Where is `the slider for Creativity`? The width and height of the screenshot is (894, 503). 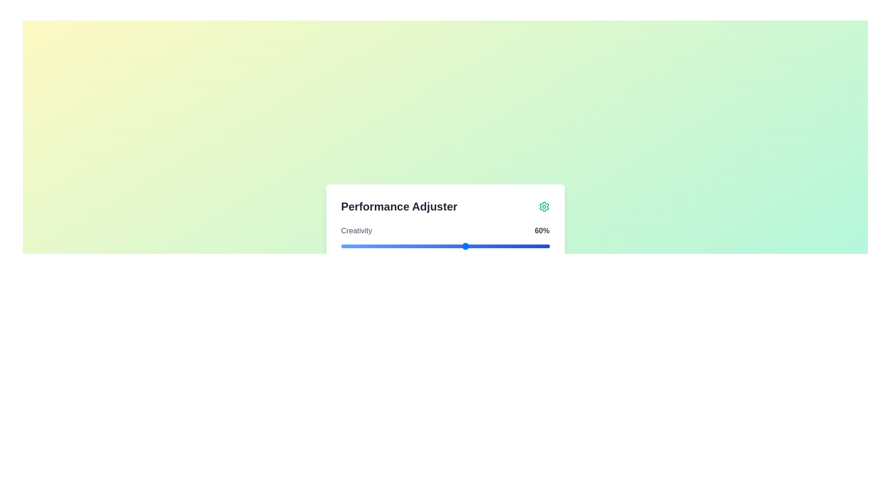 the slider for Creativity is located at coordinates (445, 245).